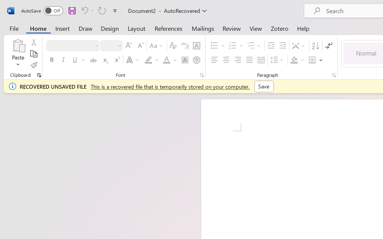  What do you see at coordinates (328, 46) in the screenshot?
I see `'Show/Hide Editing Marks'` at bounding box center [328, 46].